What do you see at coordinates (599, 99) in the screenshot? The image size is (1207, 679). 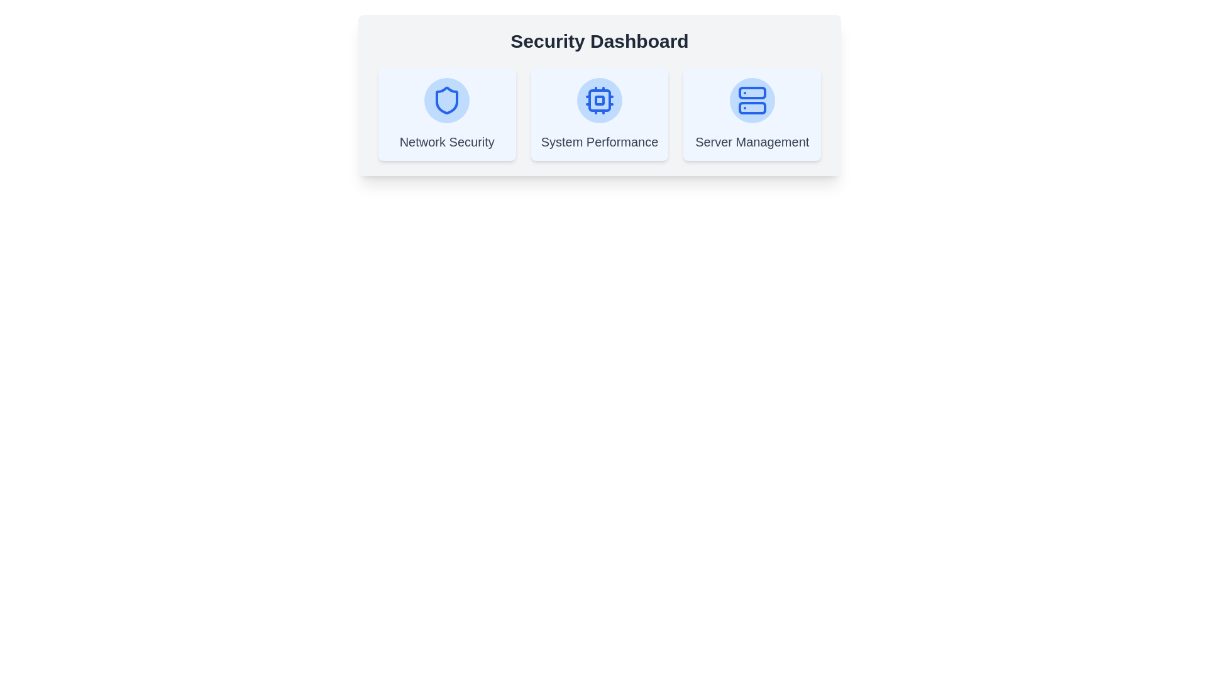 I see `the decorative graphical element forming part of the 'System Performance' icon, specifically the outer square in the CPU representation, located in the Security Dashboard interface` at bounding box center [599, 99].